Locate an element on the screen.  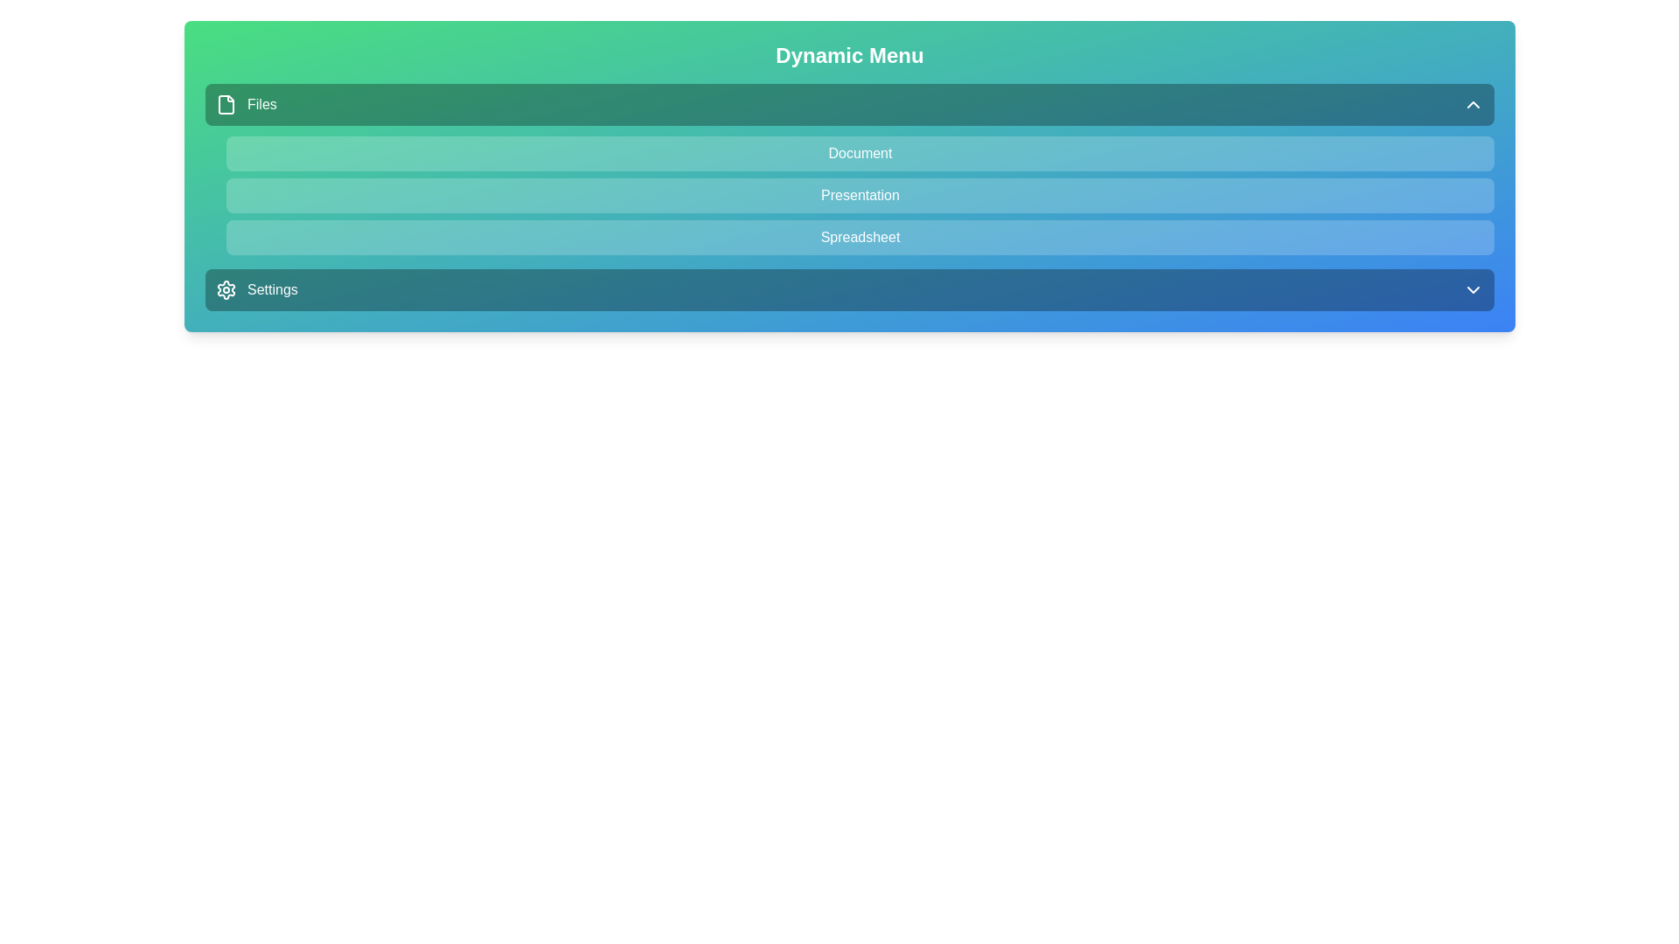
the cogwheel icon representing settings, which is positioned before the text label 'Settings' in the menu component is located at coordinates (226, 288).